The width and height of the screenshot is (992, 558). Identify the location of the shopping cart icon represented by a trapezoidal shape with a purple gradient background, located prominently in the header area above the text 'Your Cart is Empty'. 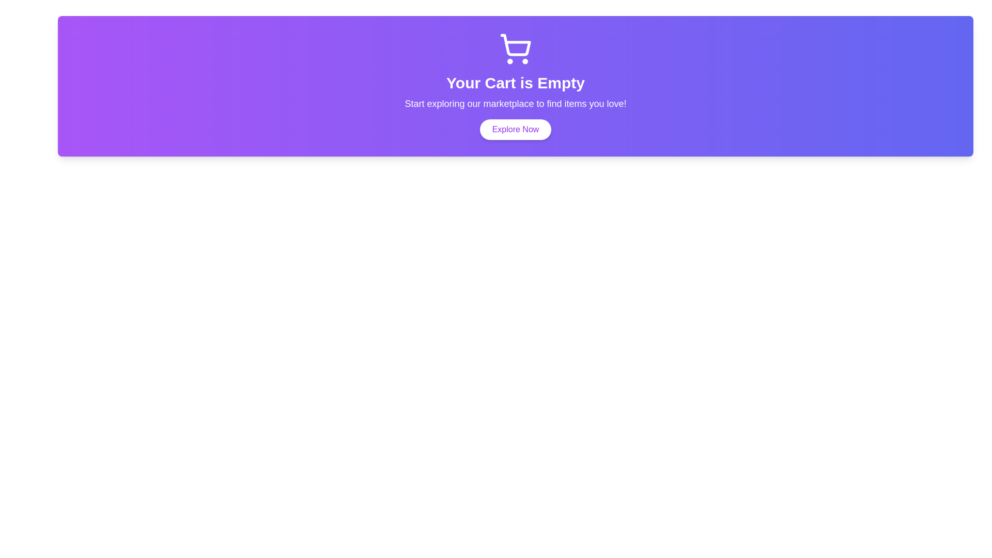
(516, 44).